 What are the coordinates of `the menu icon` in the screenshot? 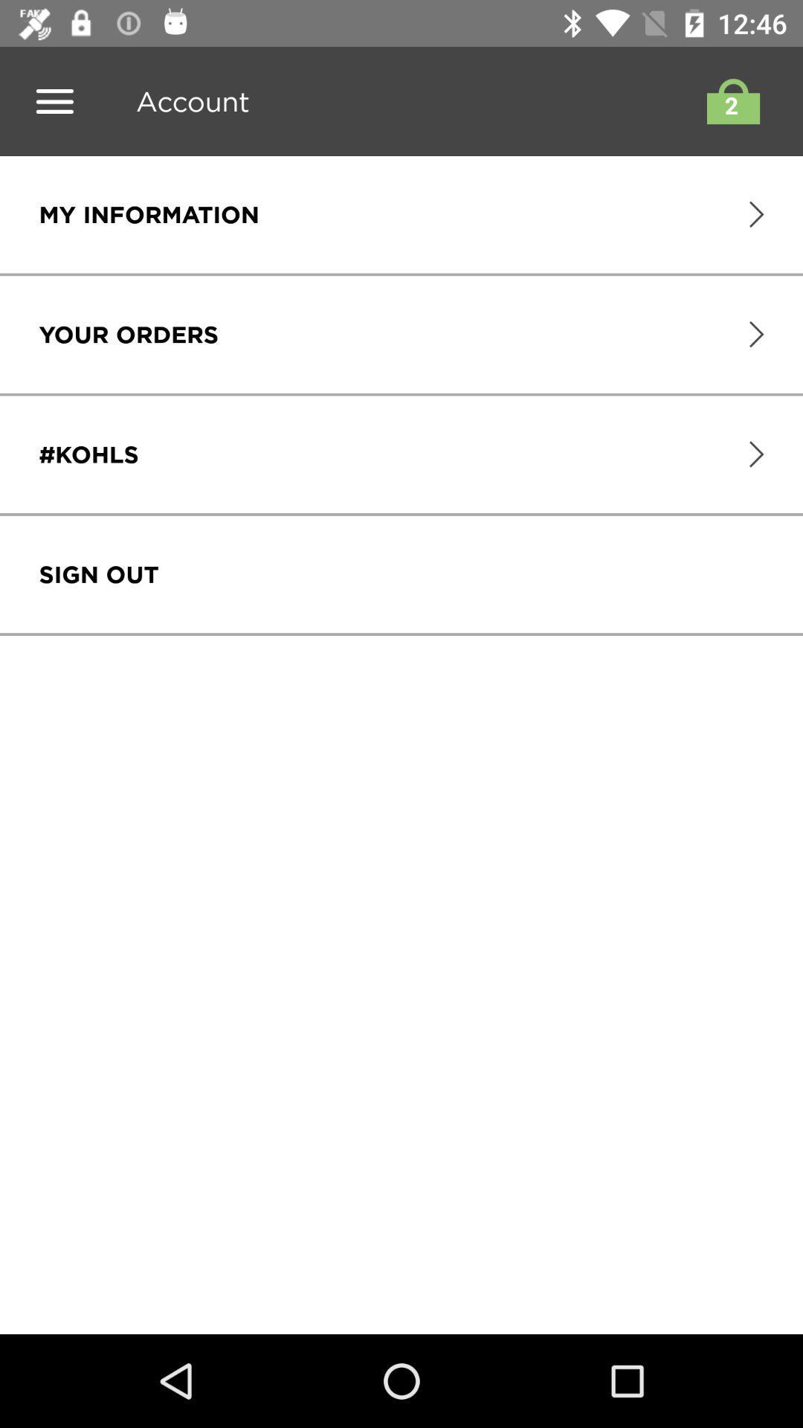 It's located at (54, 100).